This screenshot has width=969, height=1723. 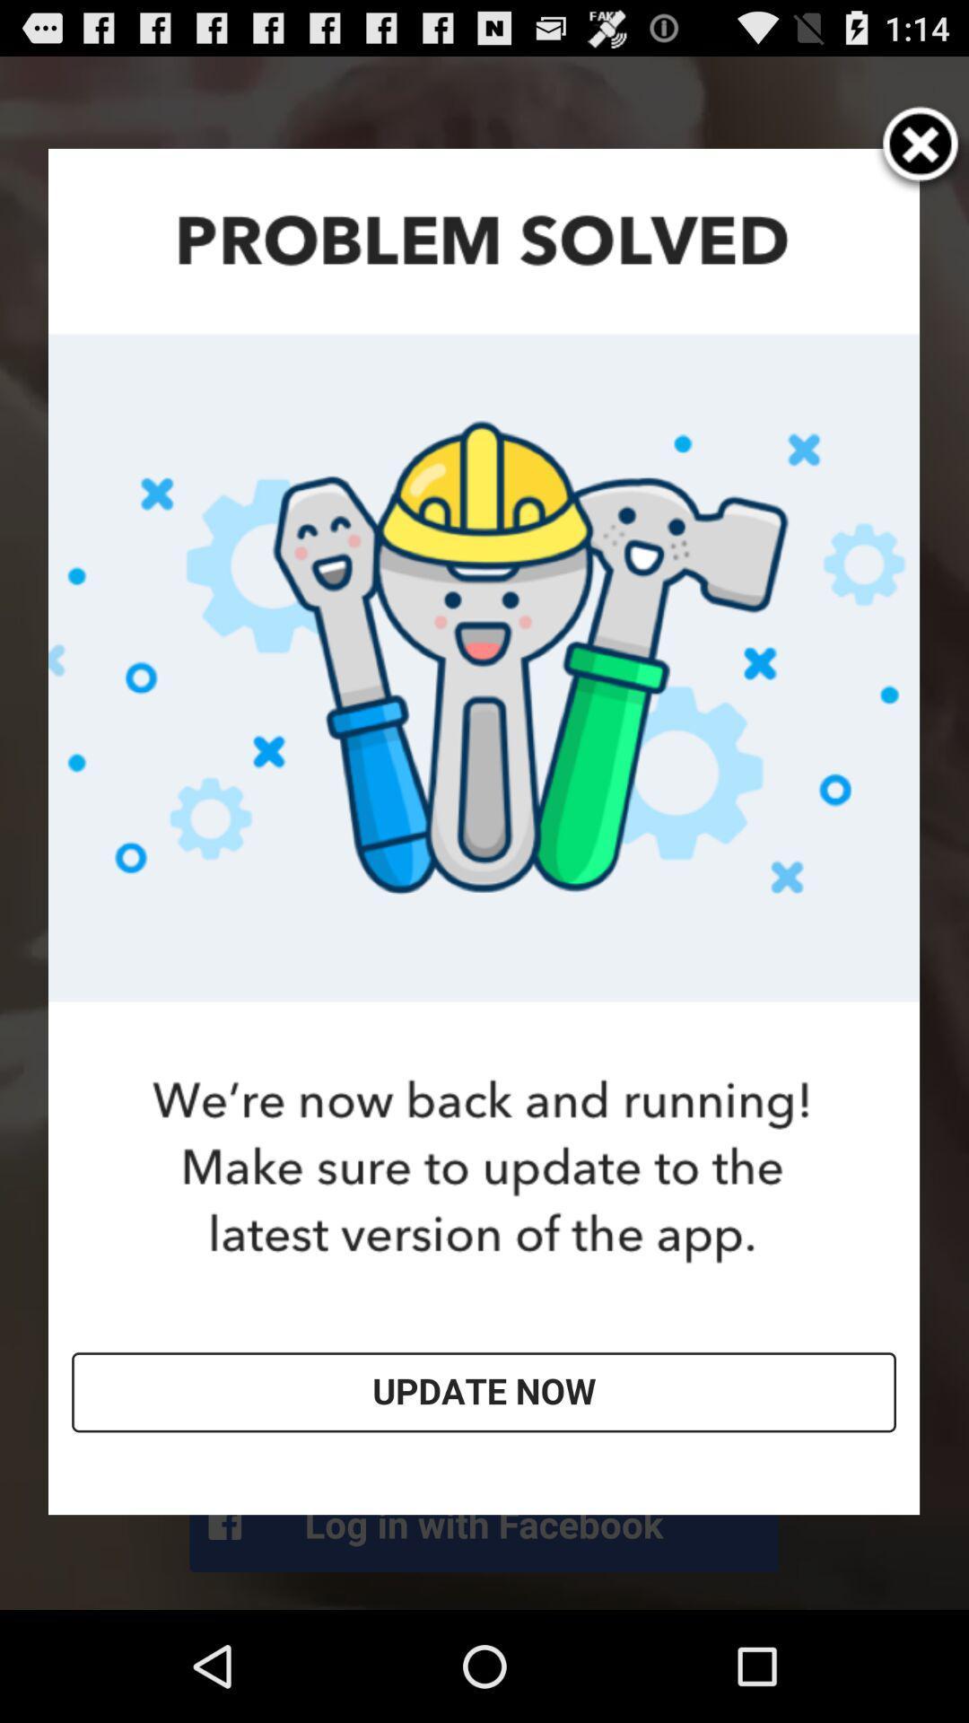 What do you see at coordinates (921, 159) in the screenshot?
I see `the close icon` at bounding box center [921, 159].